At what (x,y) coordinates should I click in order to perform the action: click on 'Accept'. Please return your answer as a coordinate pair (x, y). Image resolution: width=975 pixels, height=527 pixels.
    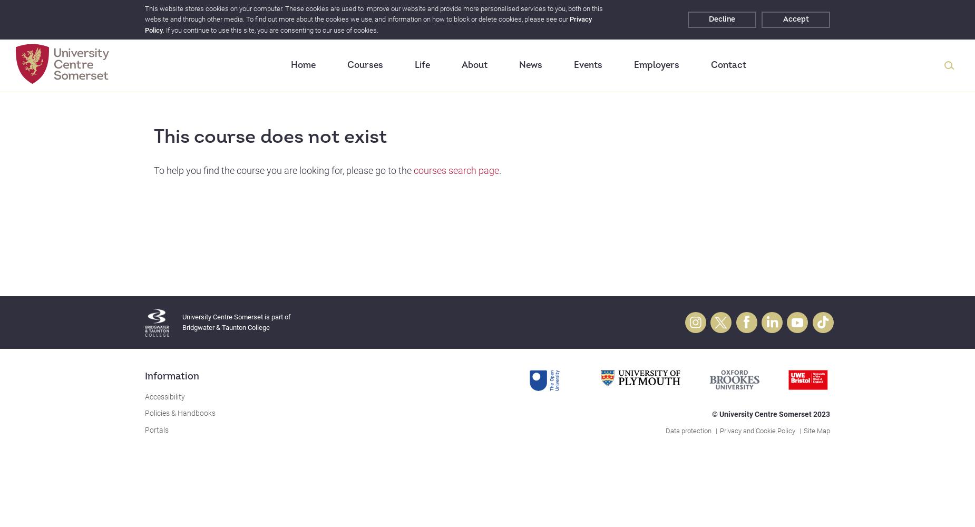
    Looking at the image, I should click on (782, 19).